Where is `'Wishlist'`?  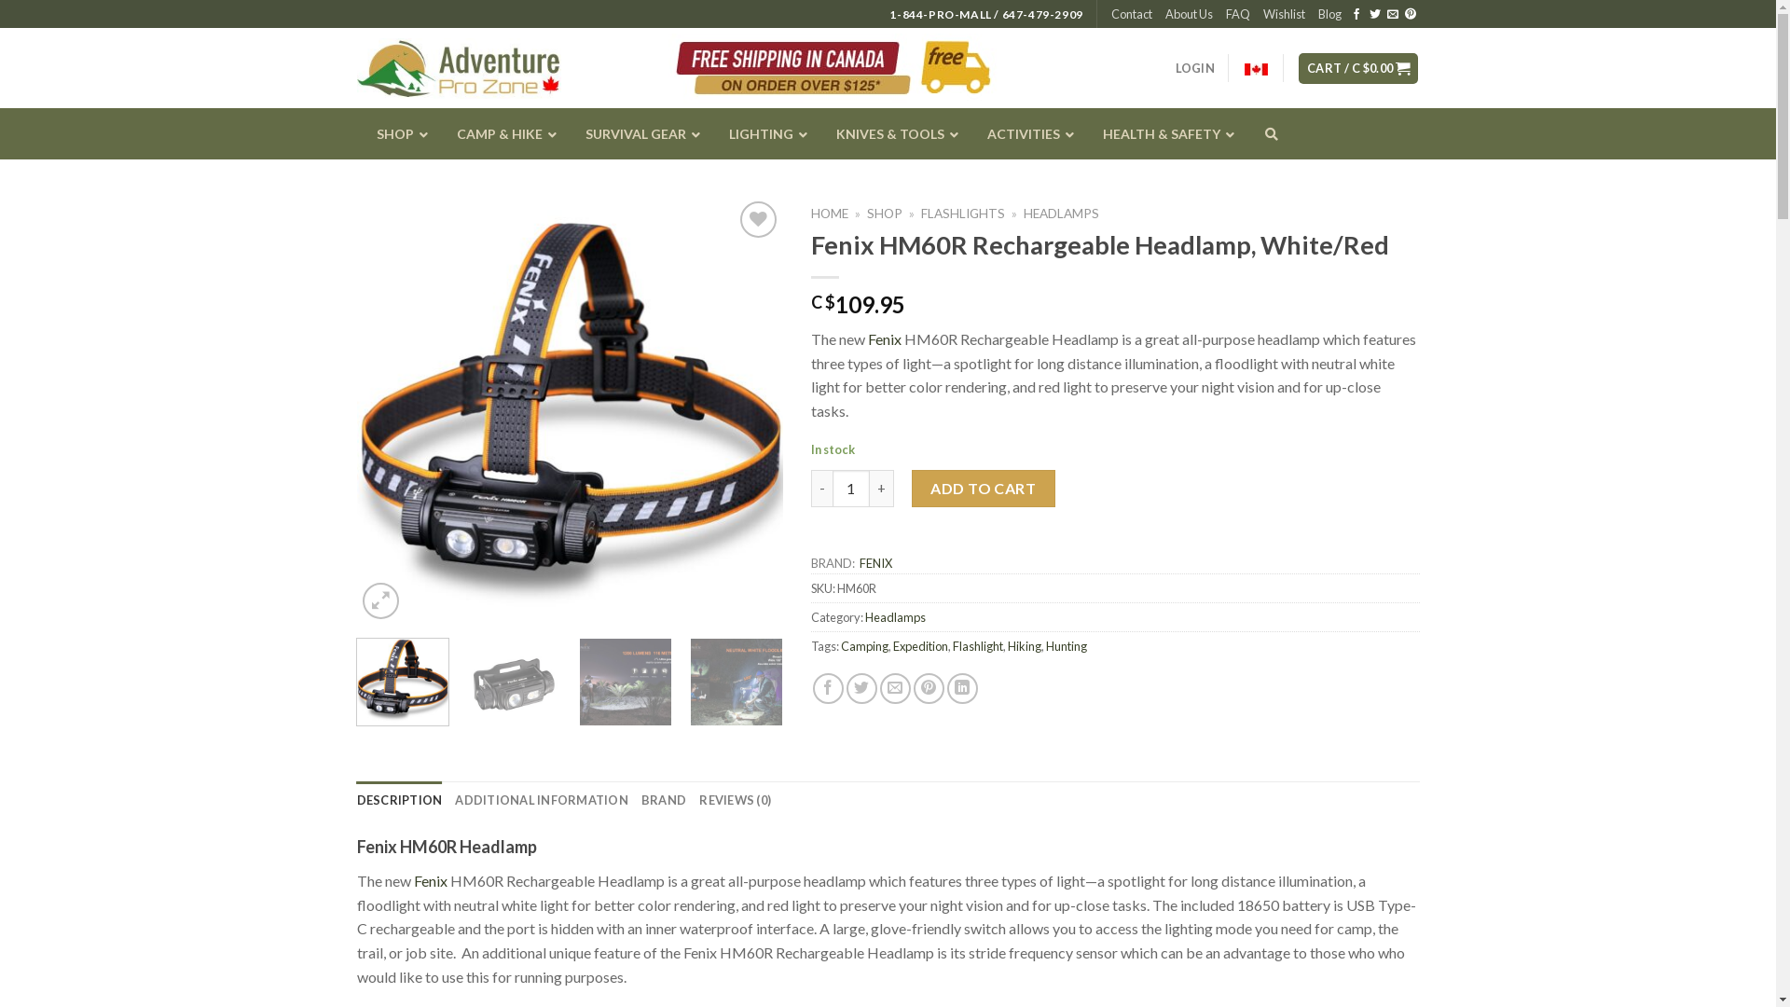
'Wishlist' is located at coordinates (1283, 14).